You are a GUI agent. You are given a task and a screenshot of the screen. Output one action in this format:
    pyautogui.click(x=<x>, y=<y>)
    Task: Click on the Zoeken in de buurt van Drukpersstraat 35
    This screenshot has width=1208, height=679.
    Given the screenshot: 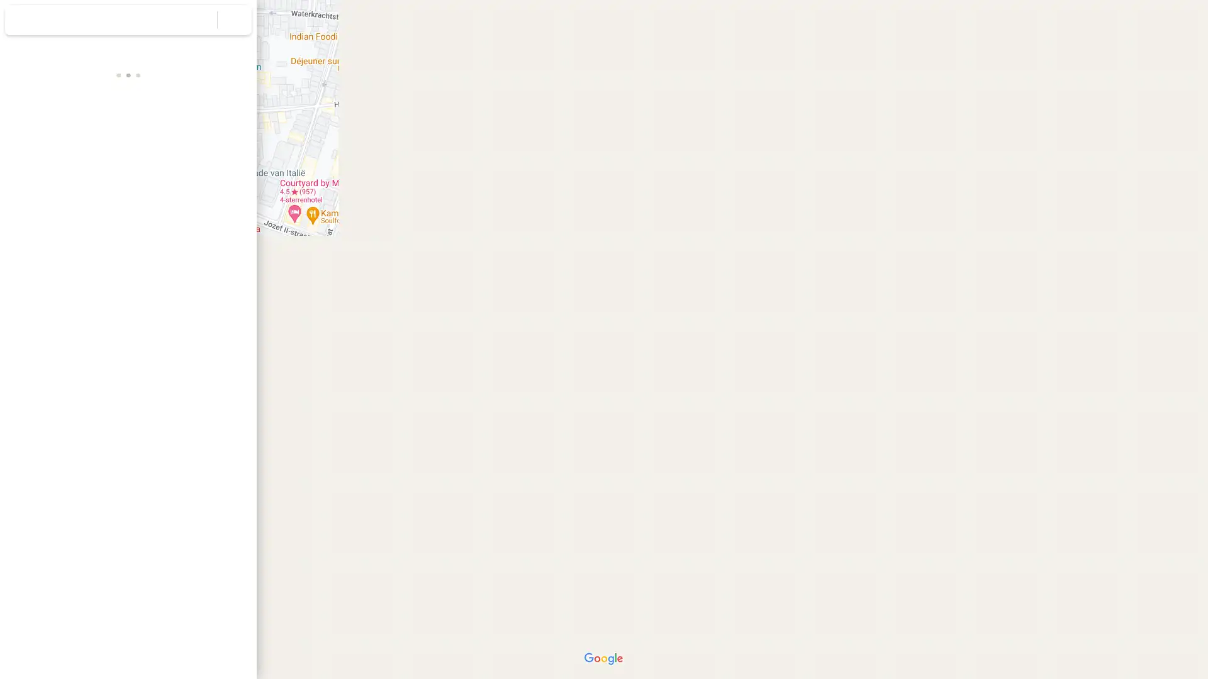 What is the action you would take?
    pyautogui.click(x=128, y=215)
    